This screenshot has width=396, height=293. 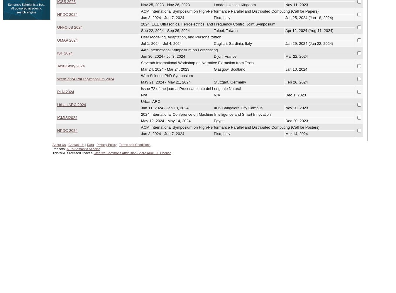 What do you see at coordinates (57, 40) in the screenshot?
I see `'UMAP 2024'` at bounding box center [57, 40].